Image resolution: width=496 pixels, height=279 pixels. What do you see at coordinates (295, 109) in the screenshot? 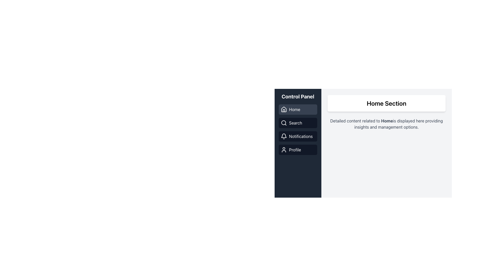
I see `the 'Home' text label in the vertical navigation sidebar, which displays white text on a dark gray background and is positioned next to a house-shaped icon` at bounding box center [295, 109].